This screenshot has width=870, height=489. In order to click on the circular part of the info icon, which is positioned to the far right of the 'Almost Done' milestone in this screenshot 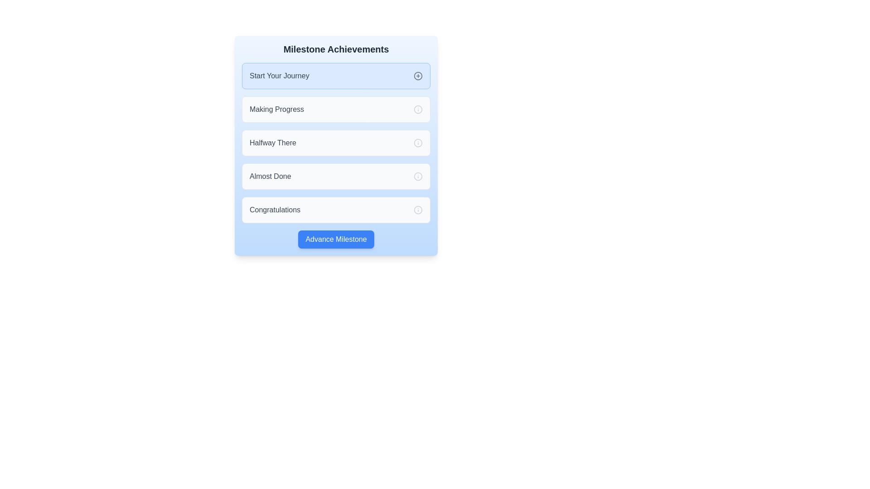, I will do `click(417, 176)`.